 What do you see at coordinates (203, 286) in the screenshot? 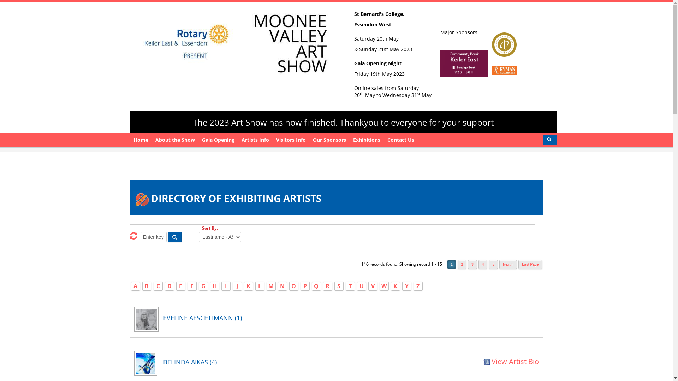
I see `'G'` at bounding box center [203, 286].